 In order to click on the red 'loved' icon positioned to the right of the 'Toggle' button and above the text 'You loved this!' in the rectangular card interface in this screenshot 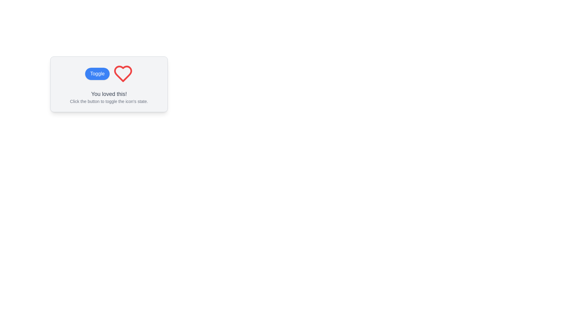, I will do `click(123, 73)`.